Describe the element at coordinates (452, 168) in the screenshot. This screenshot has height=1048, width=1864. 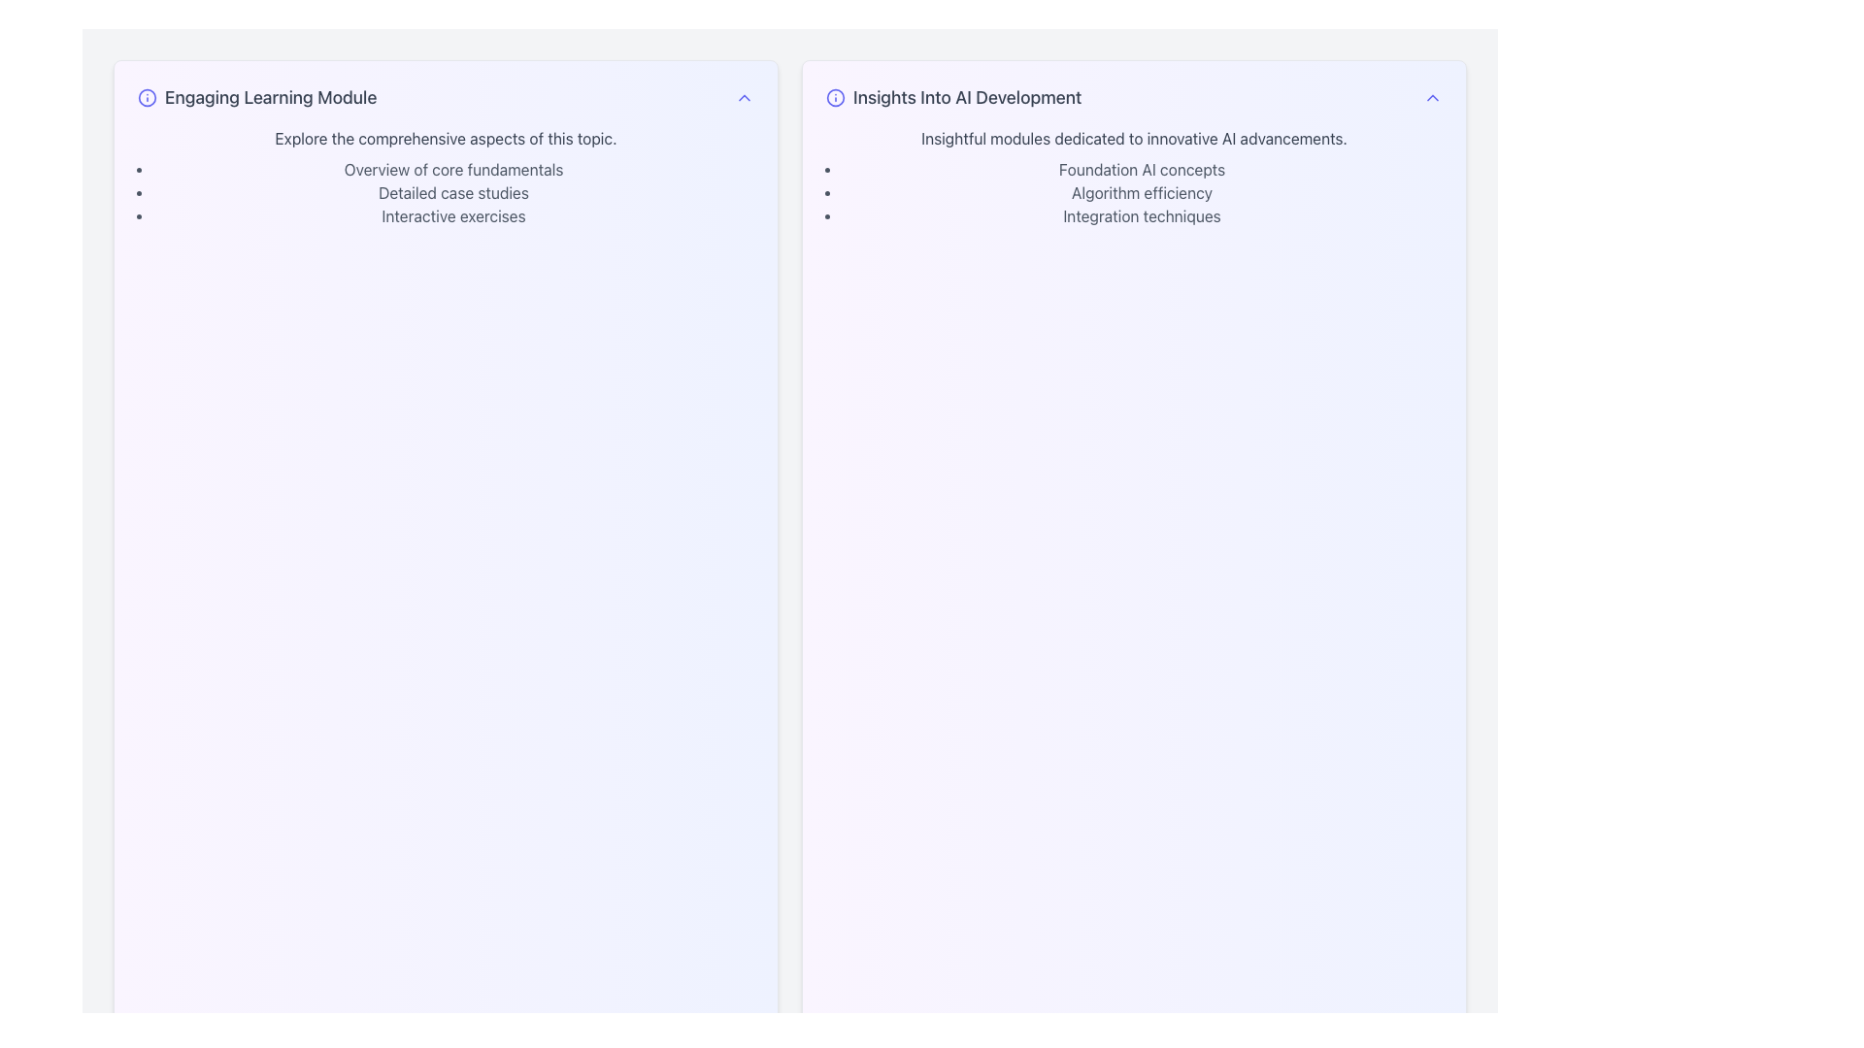
I see `the Text Label that serves as a clickable link or informational text, located just below the section title 'Engaging Learning Module' in the upper part of the left panel` at that location.